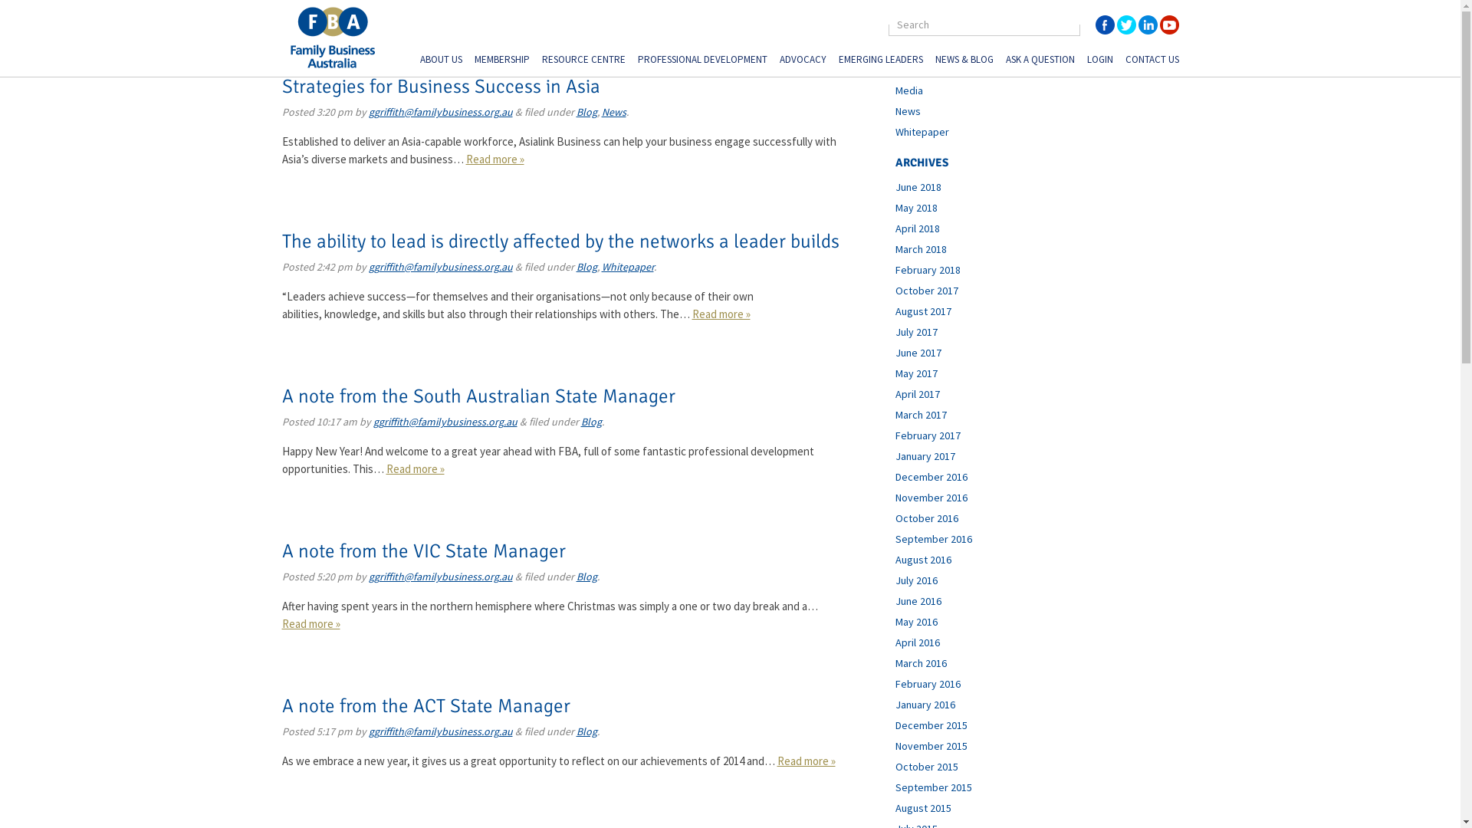  What do you see at coordinates (933, 537) in the screenshot?
I see `'September 2016'` at bounding box center [933, 537].